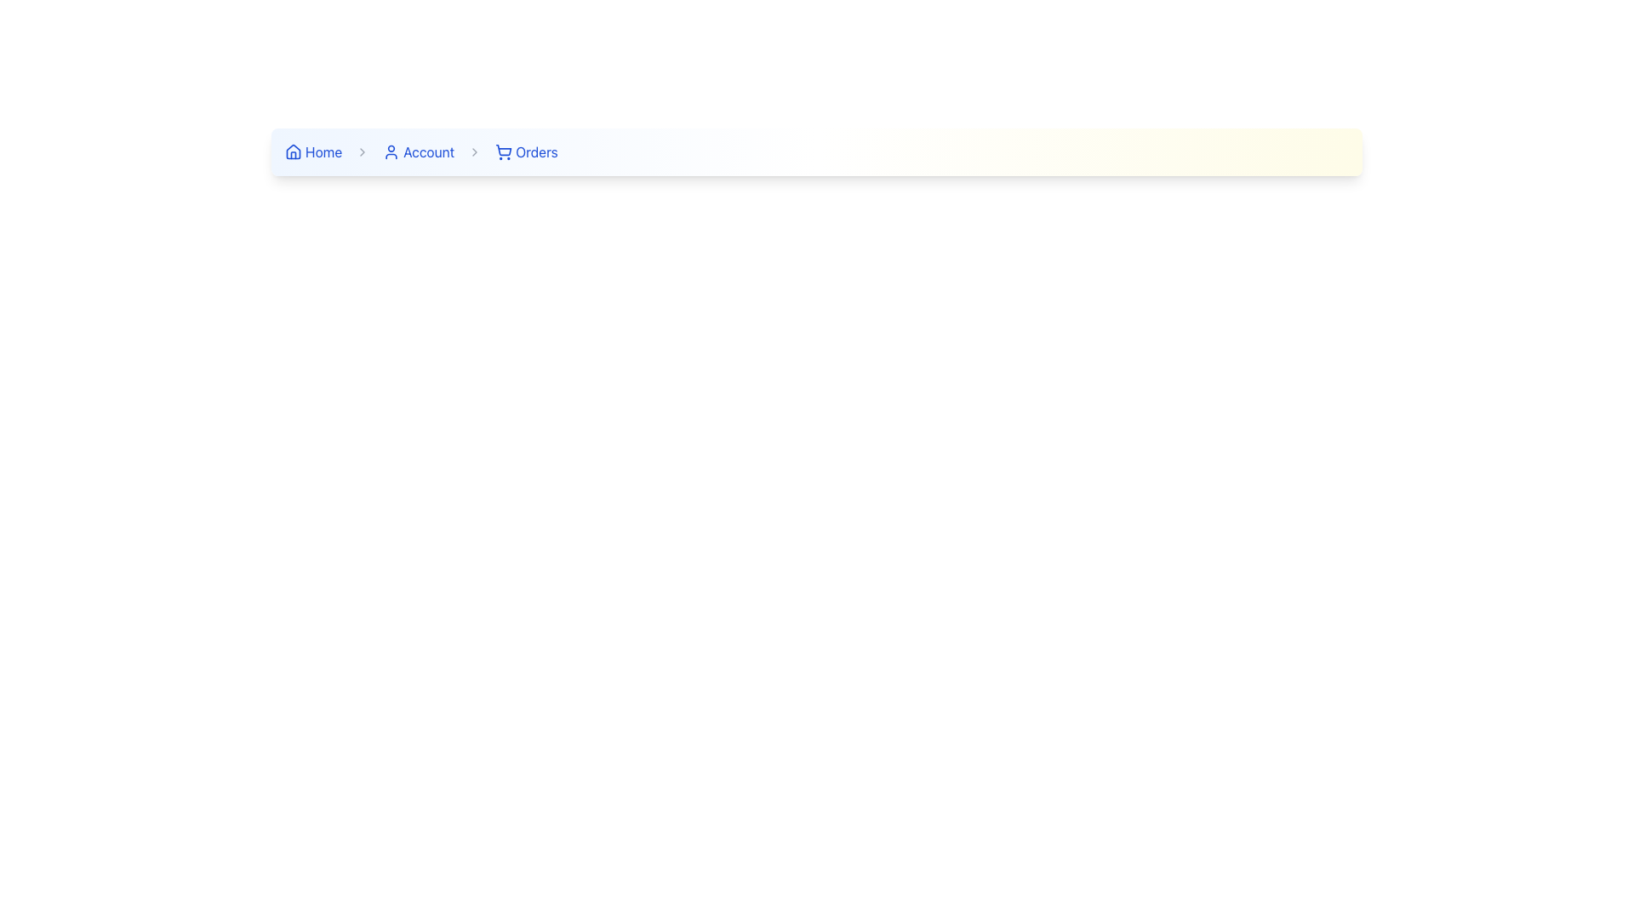  I want to click on the 'Home' icon in the breadcrumb navigation, so click(294, 151).